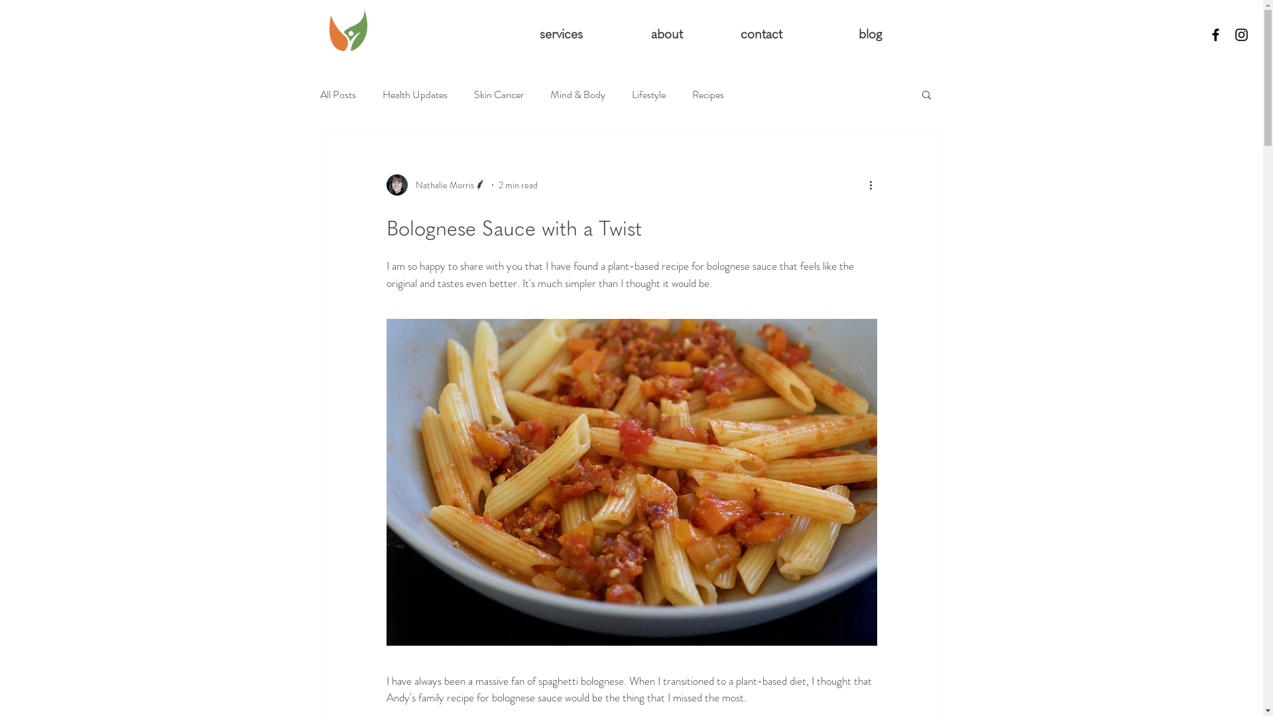 Image resolution: width=1273 pixels, height=716 pixels. What do you see at coordinates (413, 93) in the screenshot?
I see `'Health Updates'` at bounding box center [413, 93].